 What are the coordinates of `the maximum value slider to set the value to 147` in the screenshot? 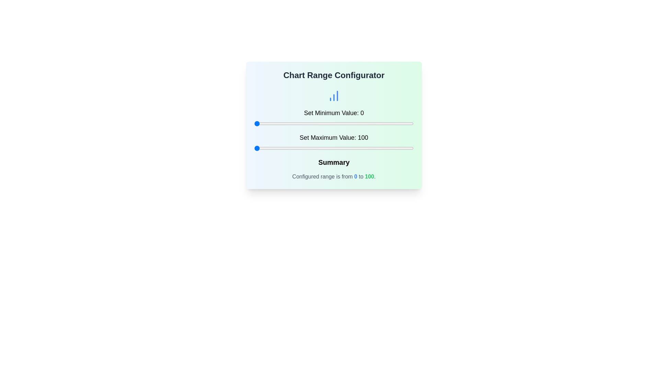 It's located at (329, 148).